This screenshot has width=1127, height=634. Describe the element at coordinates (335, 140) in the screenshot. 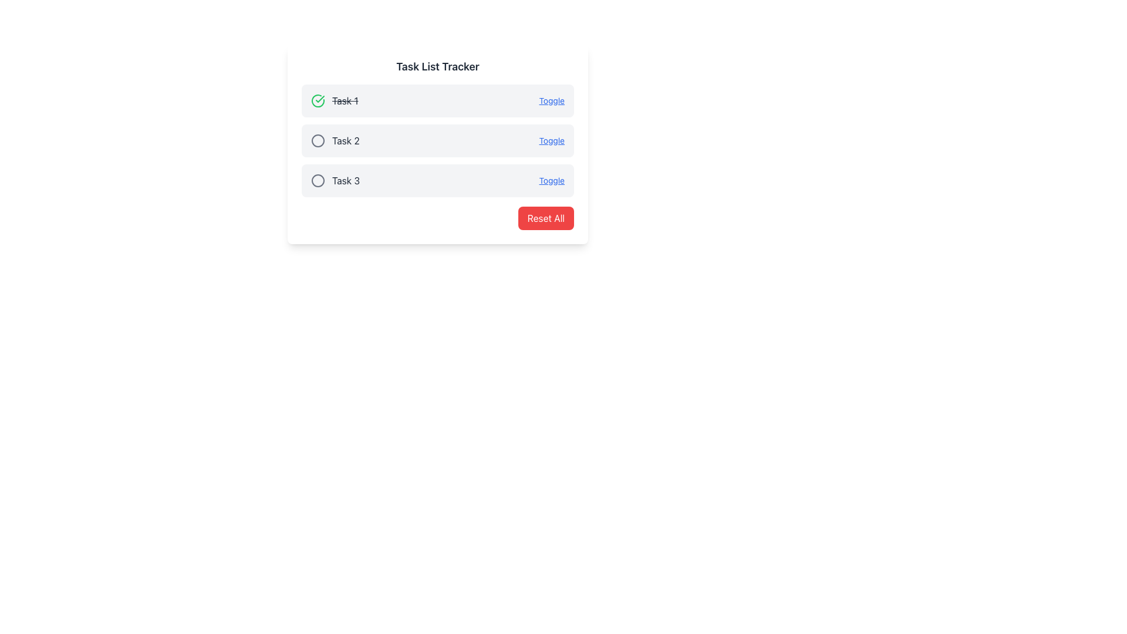

I see `the second task item` at that location.